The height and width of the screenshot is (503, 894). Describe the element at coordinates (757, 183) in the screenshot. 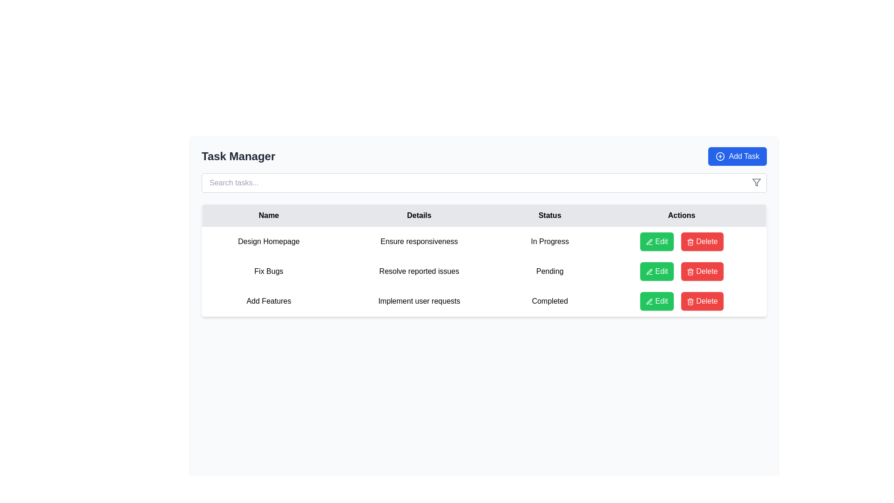

I see `the triangular funnel-shaped icon located in the top-right corner of the interface` at that location.